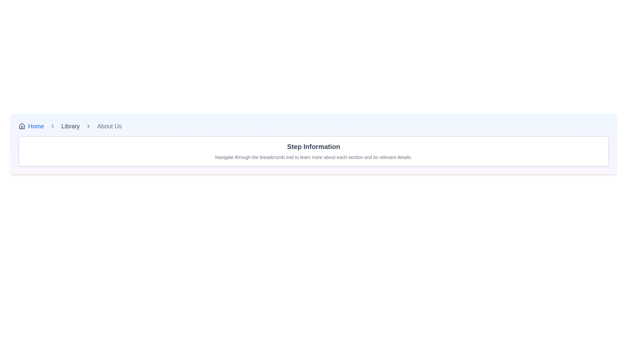  Describe the element at coordinates (88, 126) in the screenshot. I see `the chevron-right SVG icon, which is the third icon in the breadcrumb navigation, positioned between 'Library' and 'About Us' text` at that location.